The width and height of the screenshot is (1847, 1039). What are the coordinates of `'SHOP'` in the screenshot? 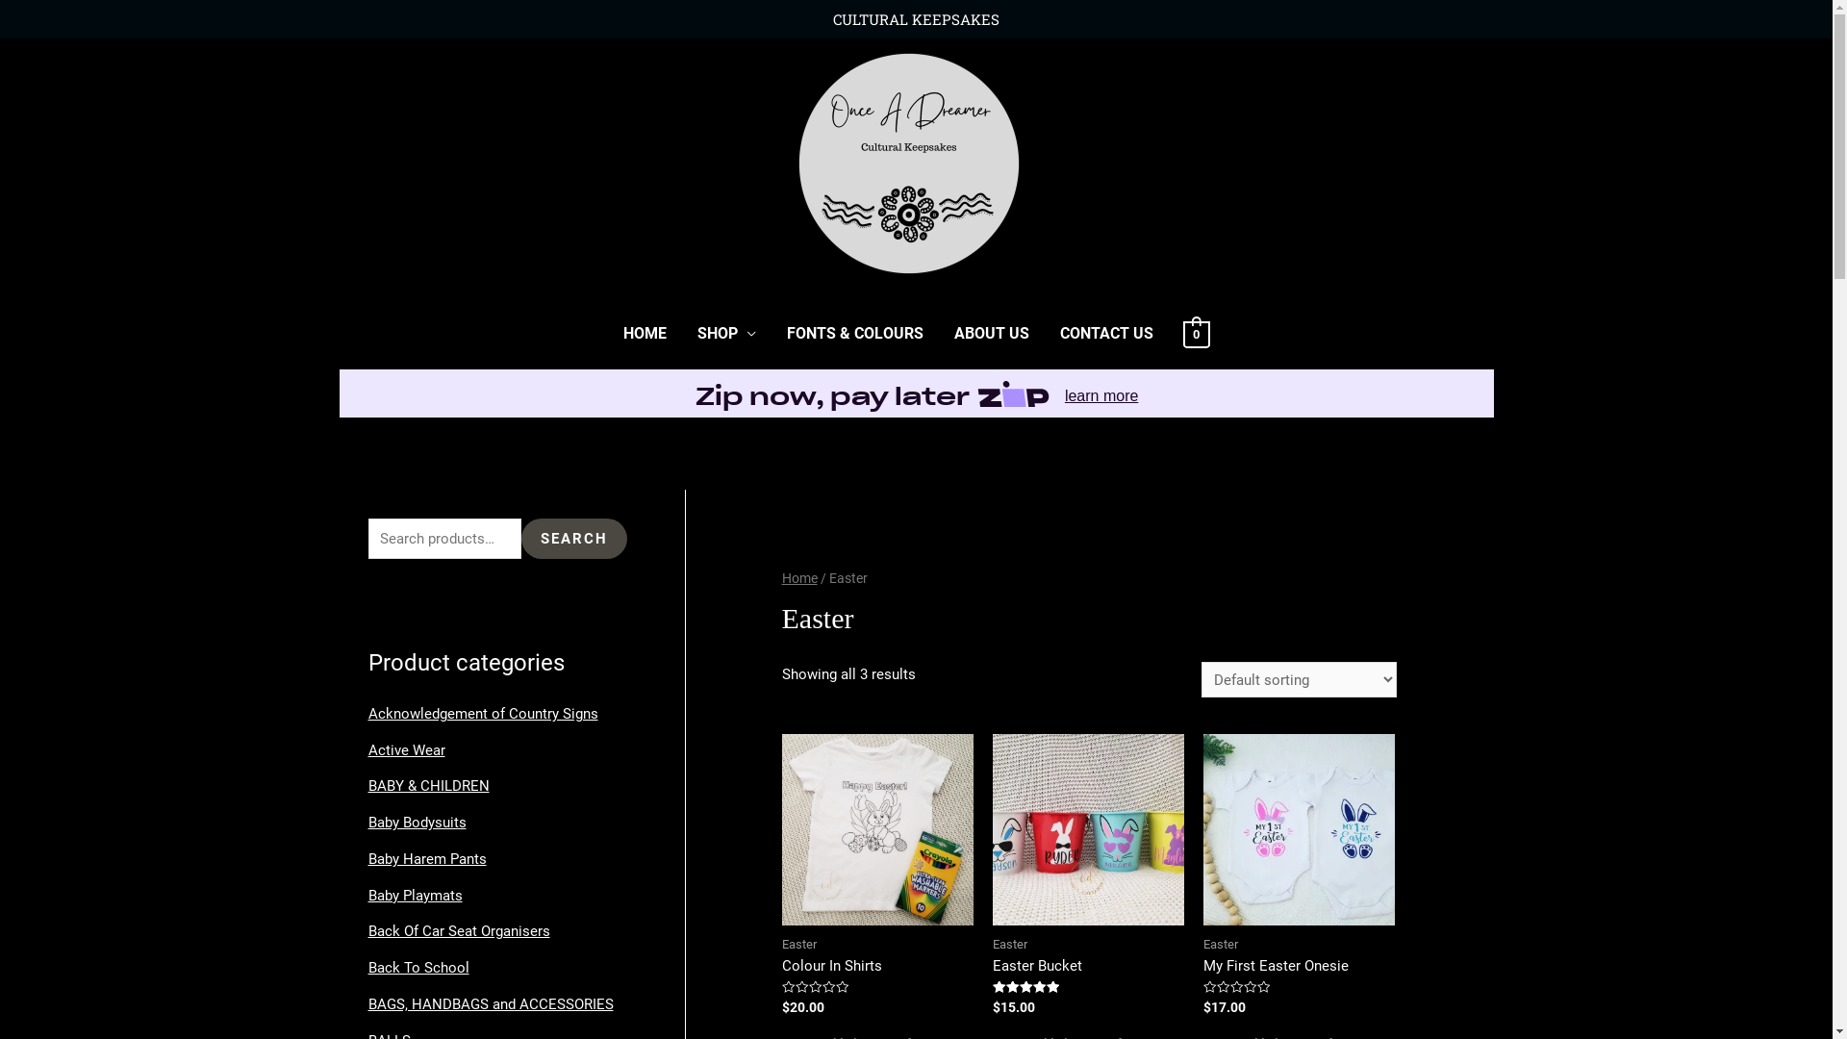 It's located at (682, 333).